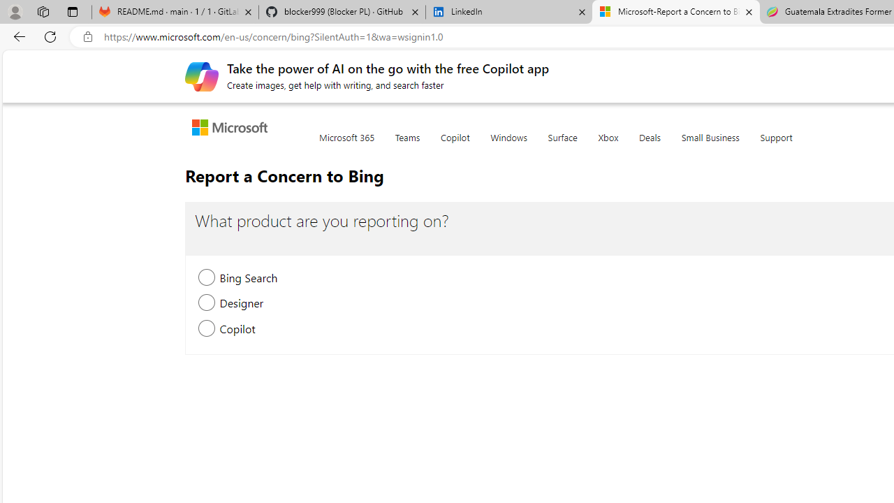 This screenshot has height=503, width=894. What do you see at coordinates (508, 145) in the screenshot?
I see `'Windows'` at bounding box center [508, 145].